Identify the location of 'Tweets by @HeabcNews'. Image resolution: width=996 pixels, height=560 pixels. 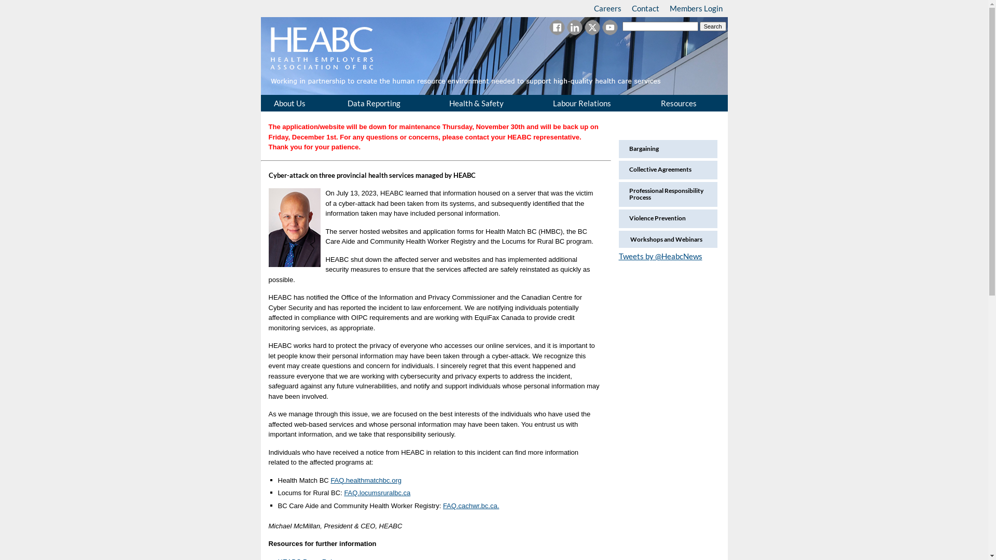
(659, 256).